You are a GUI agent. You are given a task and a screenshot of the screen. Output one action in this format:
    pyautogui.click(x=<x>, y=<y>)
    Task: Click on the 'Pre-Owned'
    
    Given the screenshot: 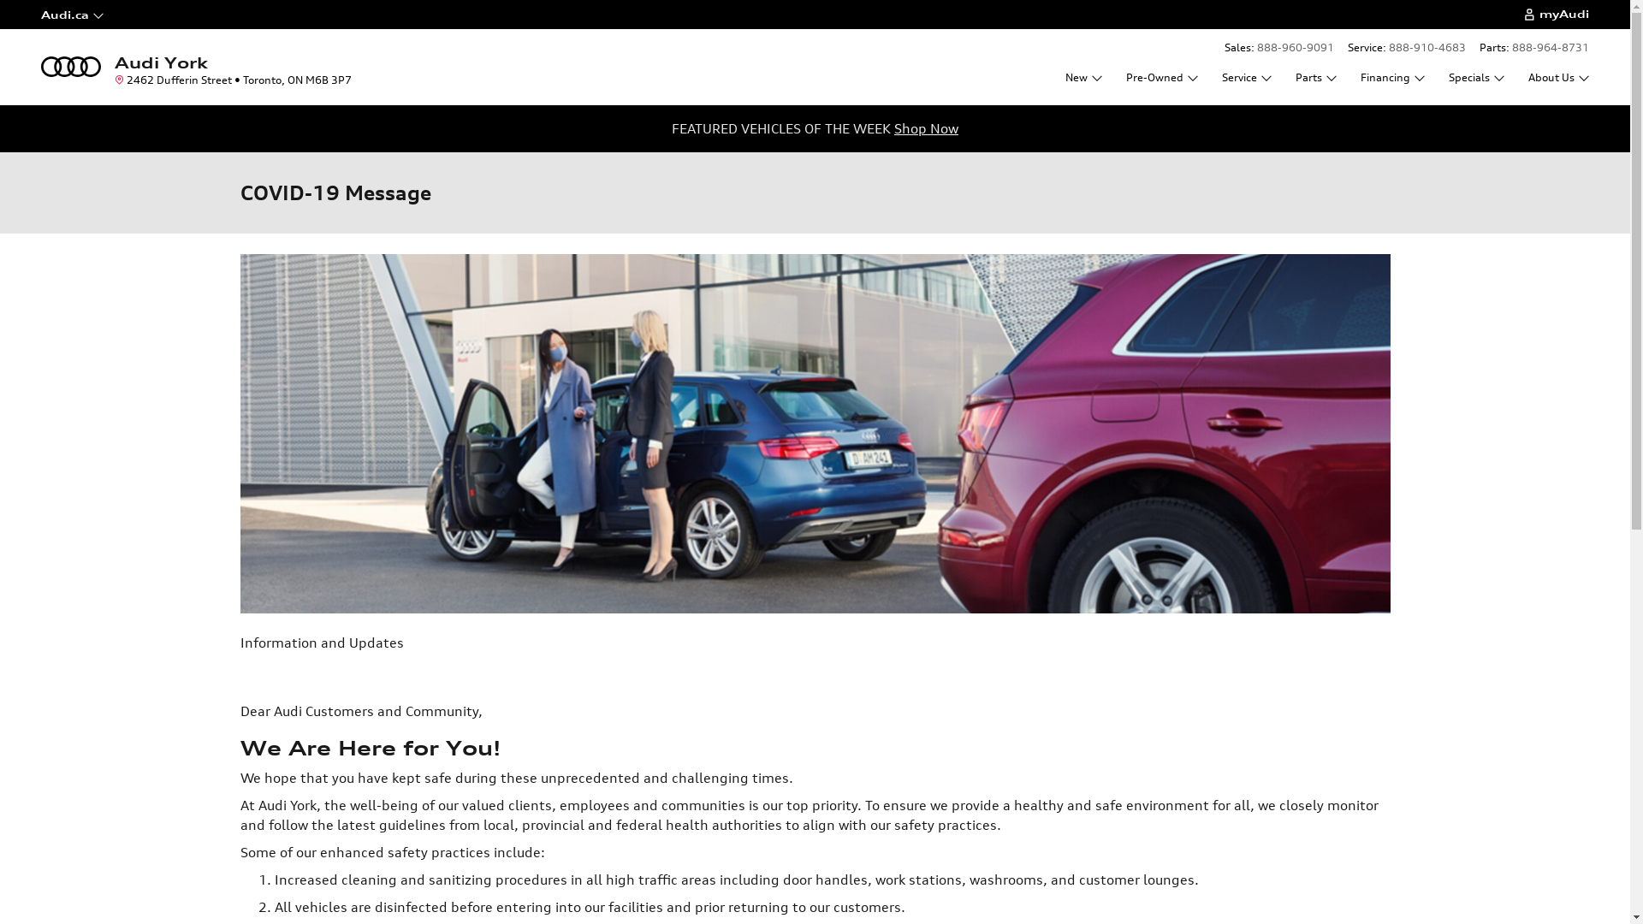 What is the action you would take?
    pyautogui.click(x=1162, y=77)
    